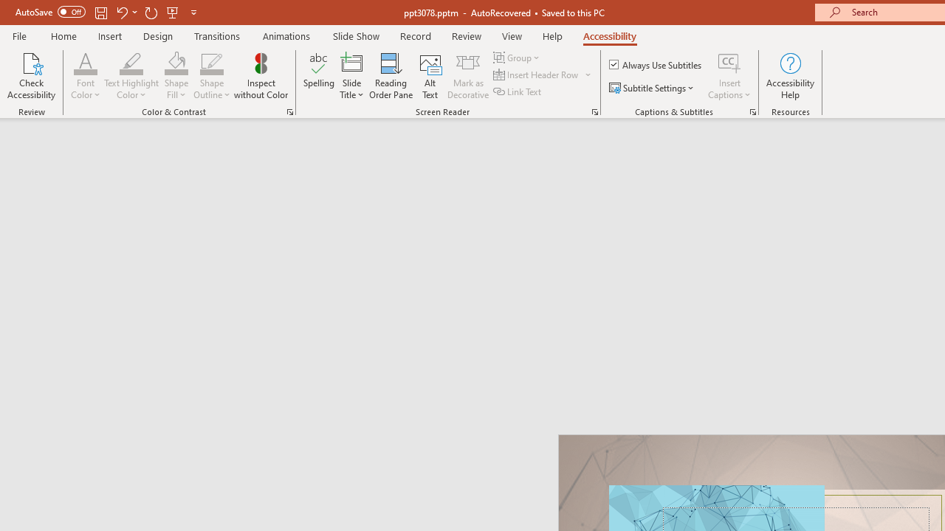  I want to click on 'Accessibility Help', so click(789, 76).